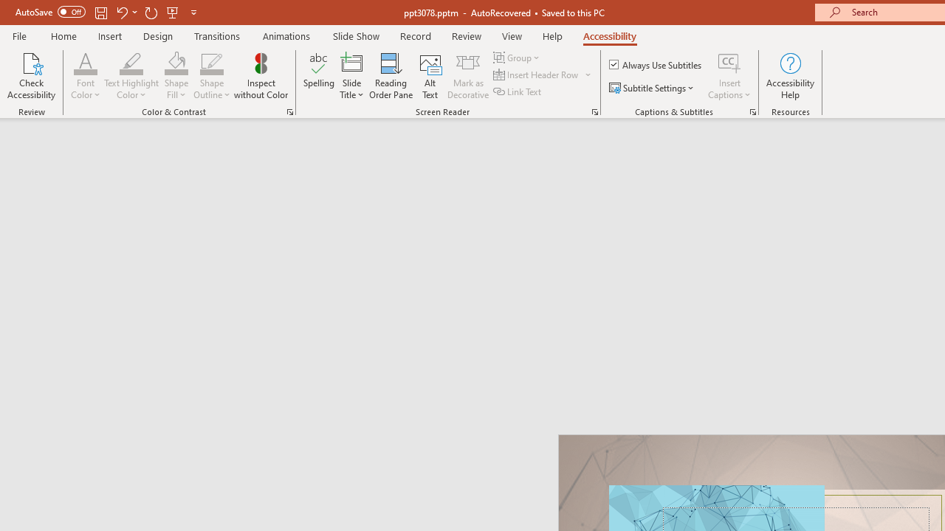  I want to click on 'Accessibility Help', so click(789, 76).